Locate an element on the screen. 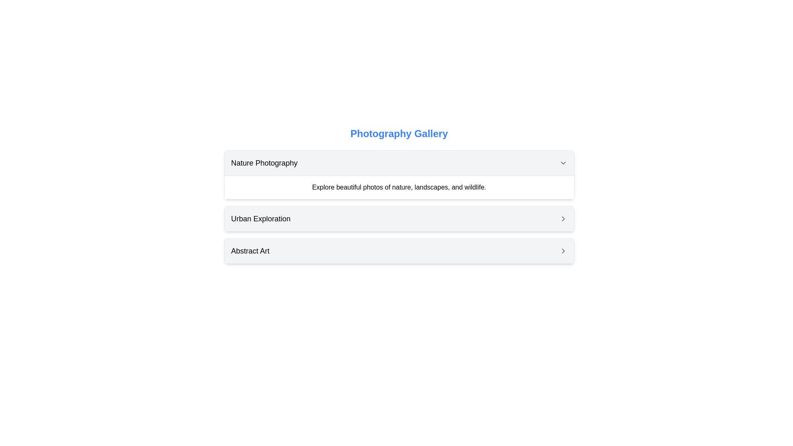  the right-pointing chevron icon, which is styled in light gray and located to the far right of the 'Abstract Art' list item is located at coordinates (563, 251).